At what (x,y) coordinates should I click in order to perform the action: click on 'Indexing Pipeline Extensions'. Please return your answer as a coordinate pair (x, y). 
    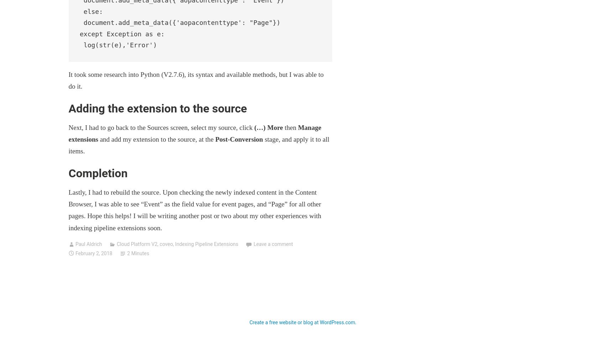
    Looking at the image, I should click on (174, 244).